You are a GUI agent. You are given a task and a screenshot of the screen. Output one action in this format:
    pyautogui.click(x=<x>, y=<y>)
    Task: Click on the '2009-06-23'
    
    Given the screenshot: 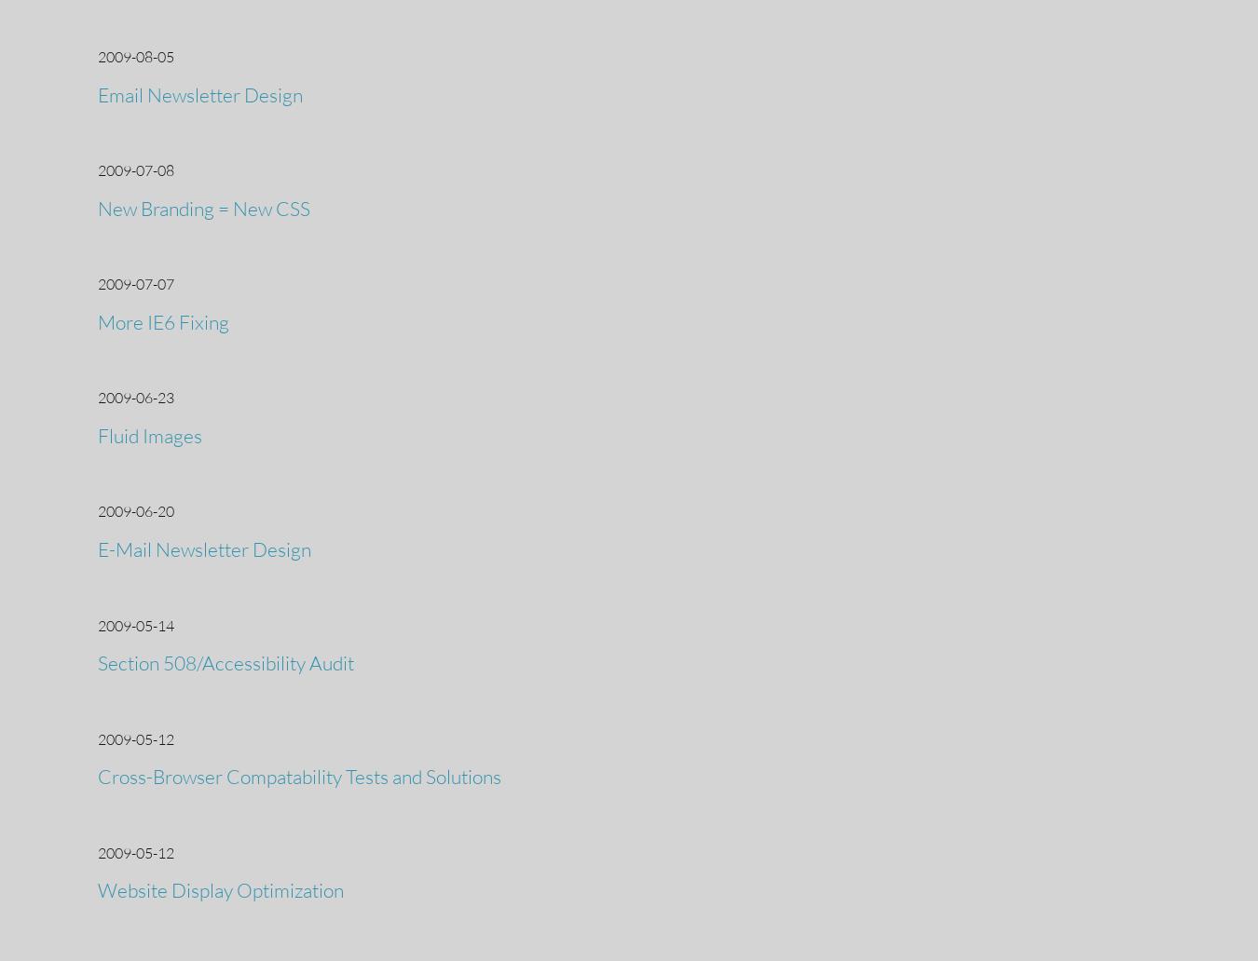 What is the action you would take?
    pyautogui.click(x=135, y=397)
    